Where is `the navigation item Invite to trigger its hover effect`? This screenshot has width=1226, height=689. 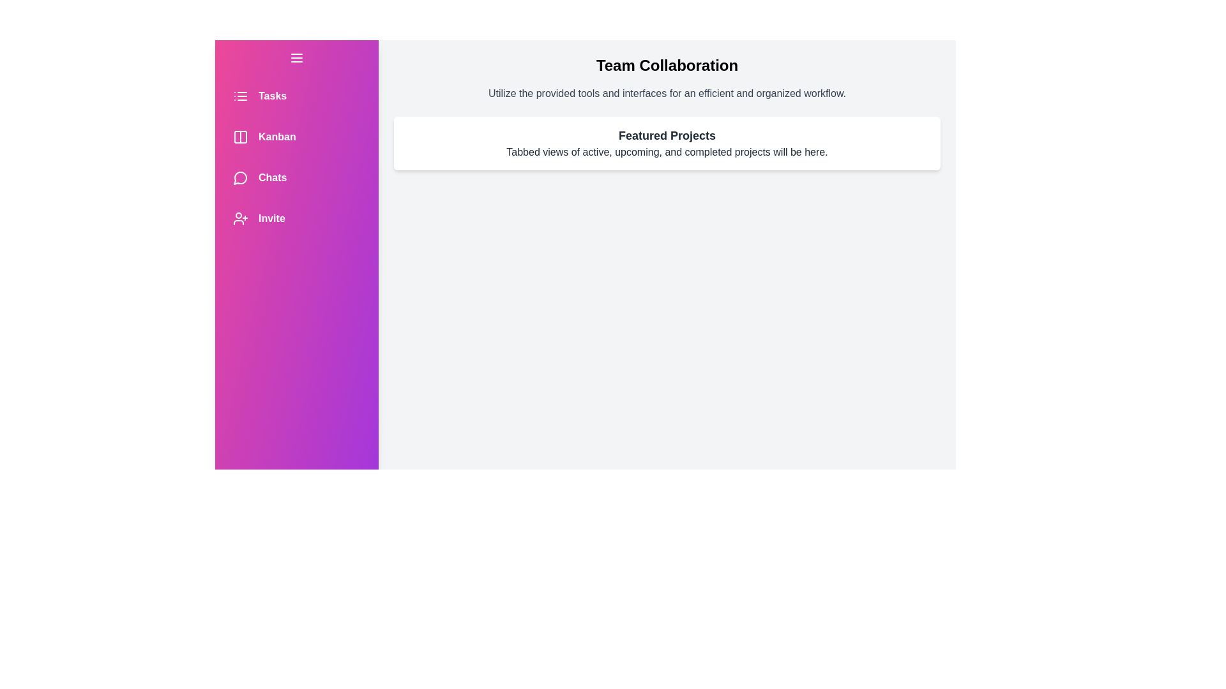
the navigation item Invite to trigger its hover effect is located at coordinates (296, 218).